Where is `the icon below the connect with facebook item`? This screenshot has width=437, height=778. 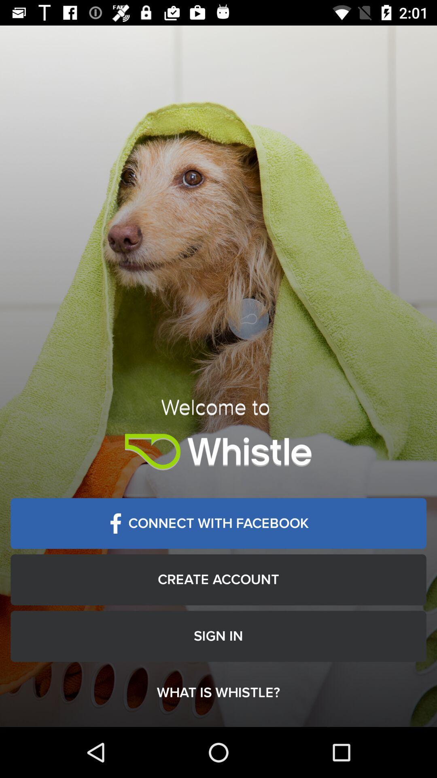
the icon below the connect with facebook item is located at coordinates (218, 579).